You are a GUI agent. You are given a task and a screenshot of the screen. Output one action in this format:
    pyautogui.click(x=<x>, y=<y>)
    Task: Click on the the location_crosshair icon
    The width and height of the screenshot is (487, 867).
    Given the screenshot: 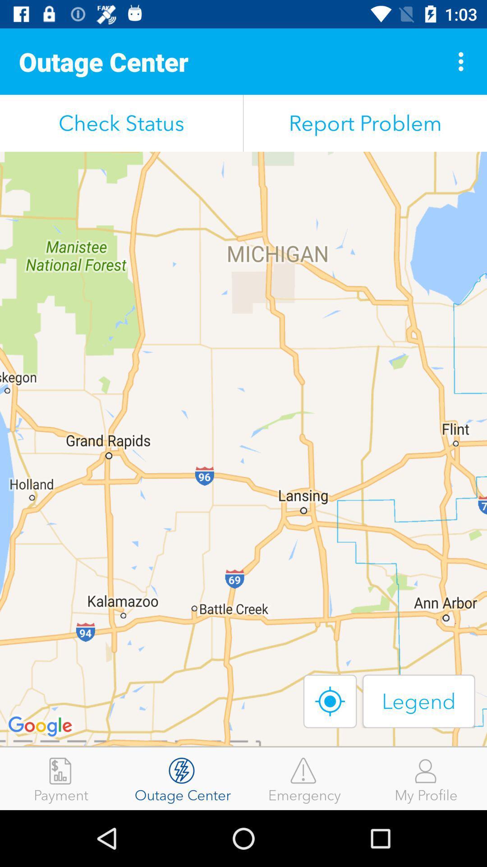 What is the action you would take?
    pyautogui.click(x=330, y=701)
    